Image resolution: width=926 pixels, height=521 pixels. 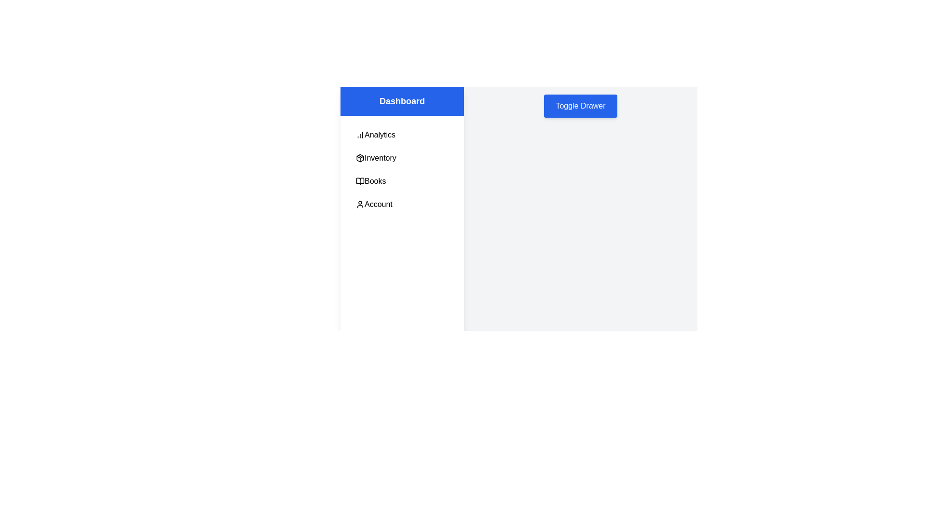 What do you see at coordinates (360, 204) in the screenshot?
I see `the icon beside the Account menu item` at bounding box center [360, 204].